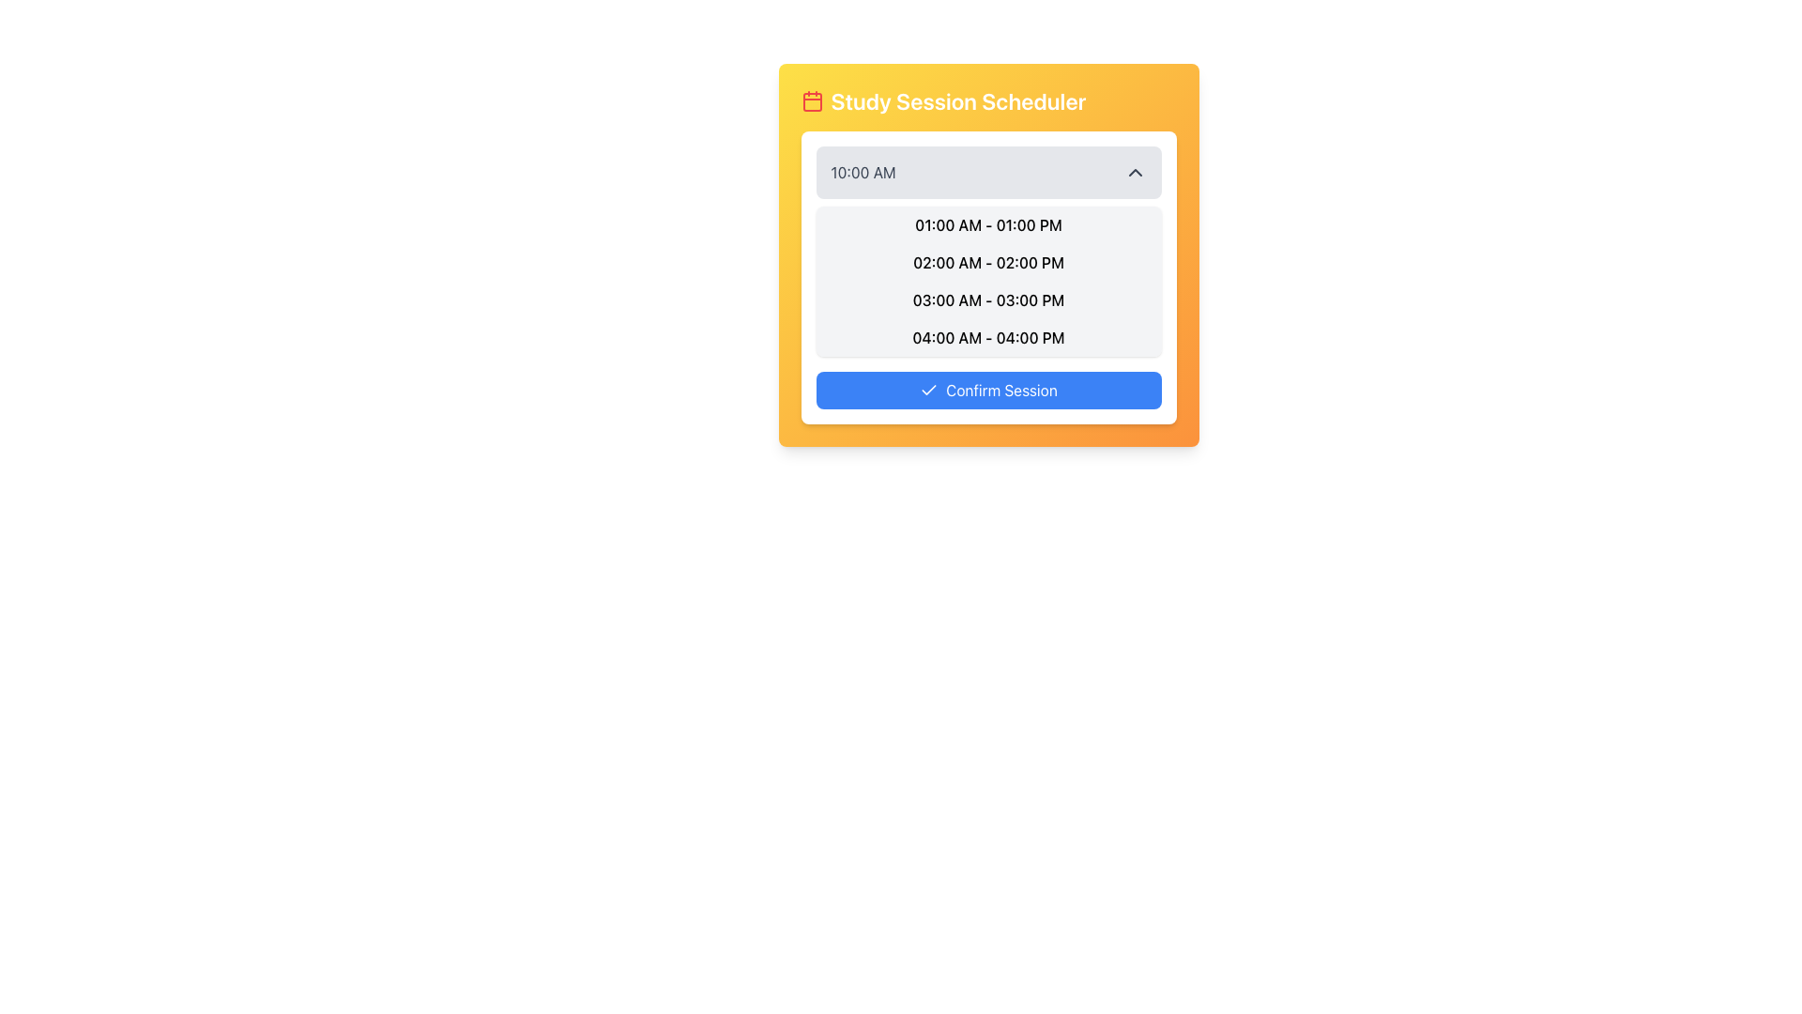 This screenshot has width=1802, height=1014. Describe the element at coordinates (1134, 173) in the screenshot. I see `the Dropdown toggle icon located at the top-right corner of the selection box showing '10:00 AM'` at that location.